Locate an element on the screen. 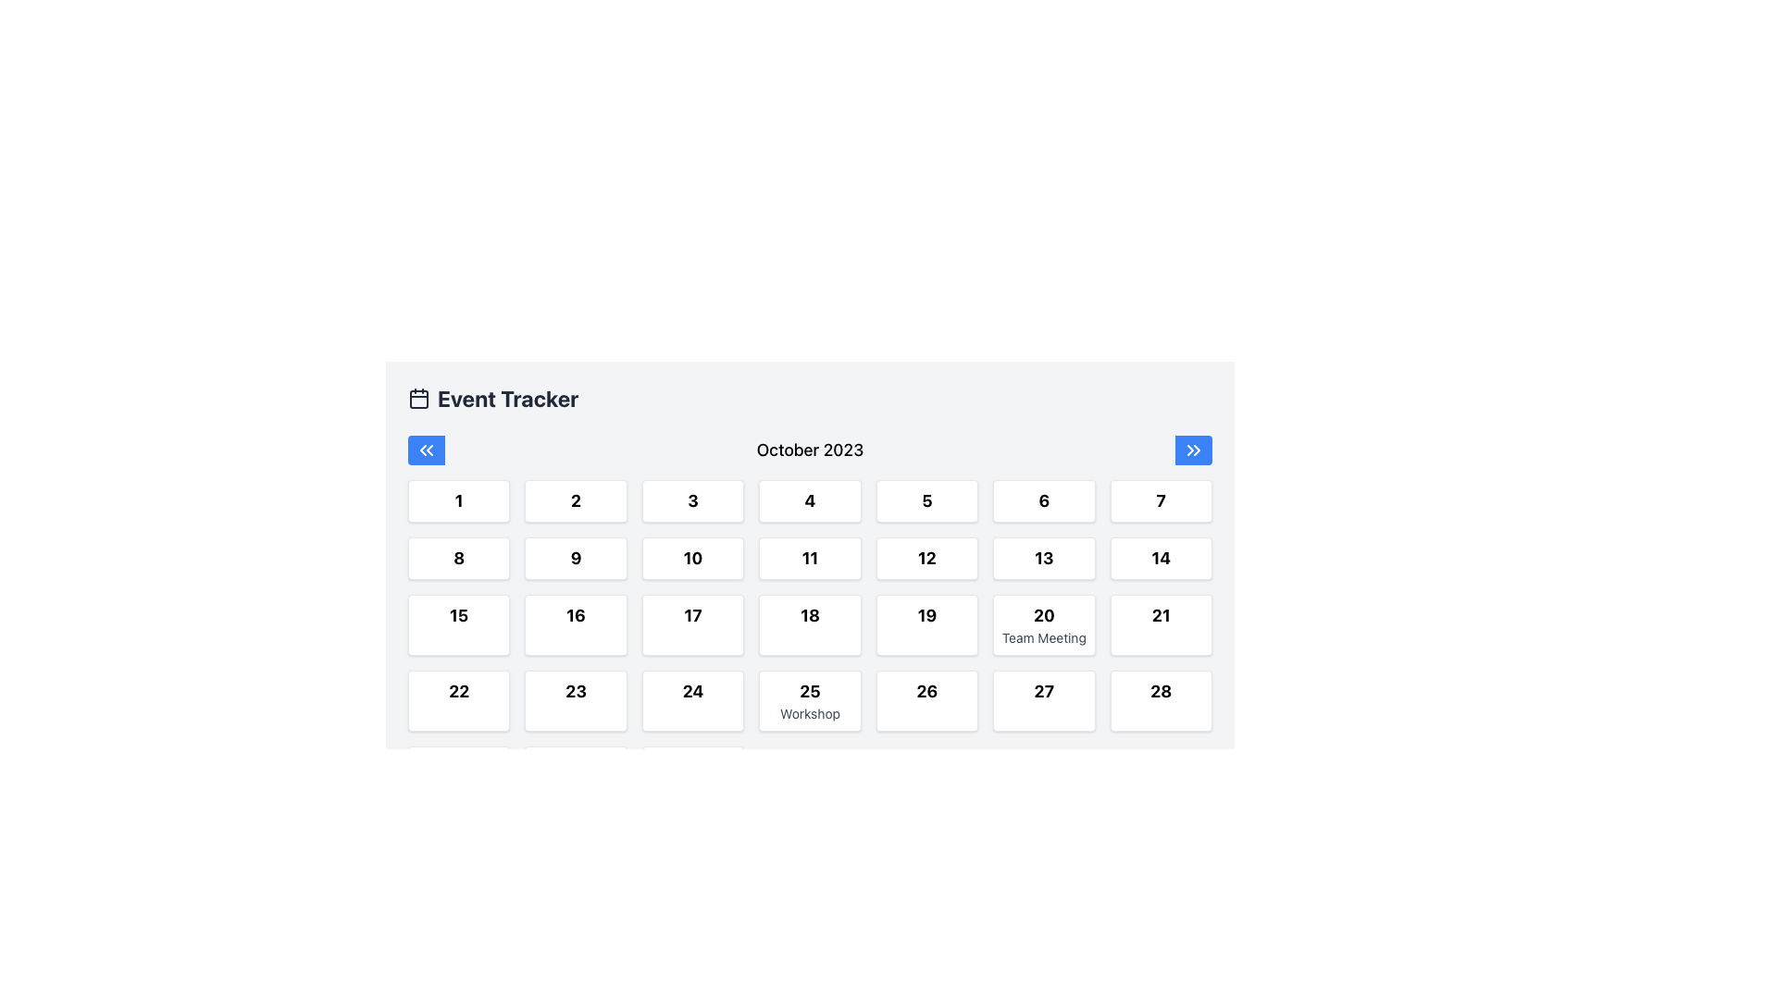 This screenshot has width=1777, height=999. the date cell representing day 14 in the calendar layout is located at coordinates (1160, 558).